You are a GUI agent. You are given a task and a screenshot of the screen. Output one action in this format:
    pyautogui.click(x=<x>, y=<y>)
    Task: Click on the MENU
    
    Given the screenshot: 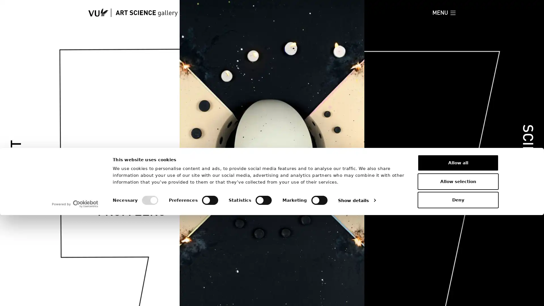 What is the action you would take?
    pyautogui.click(x=443, y=12)
    